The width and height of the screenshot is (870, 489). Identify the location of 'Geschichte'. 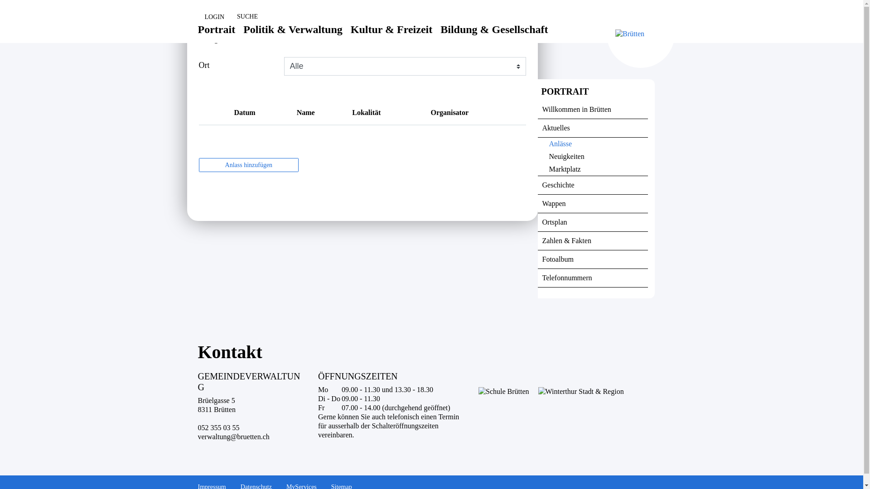
(592, 185).